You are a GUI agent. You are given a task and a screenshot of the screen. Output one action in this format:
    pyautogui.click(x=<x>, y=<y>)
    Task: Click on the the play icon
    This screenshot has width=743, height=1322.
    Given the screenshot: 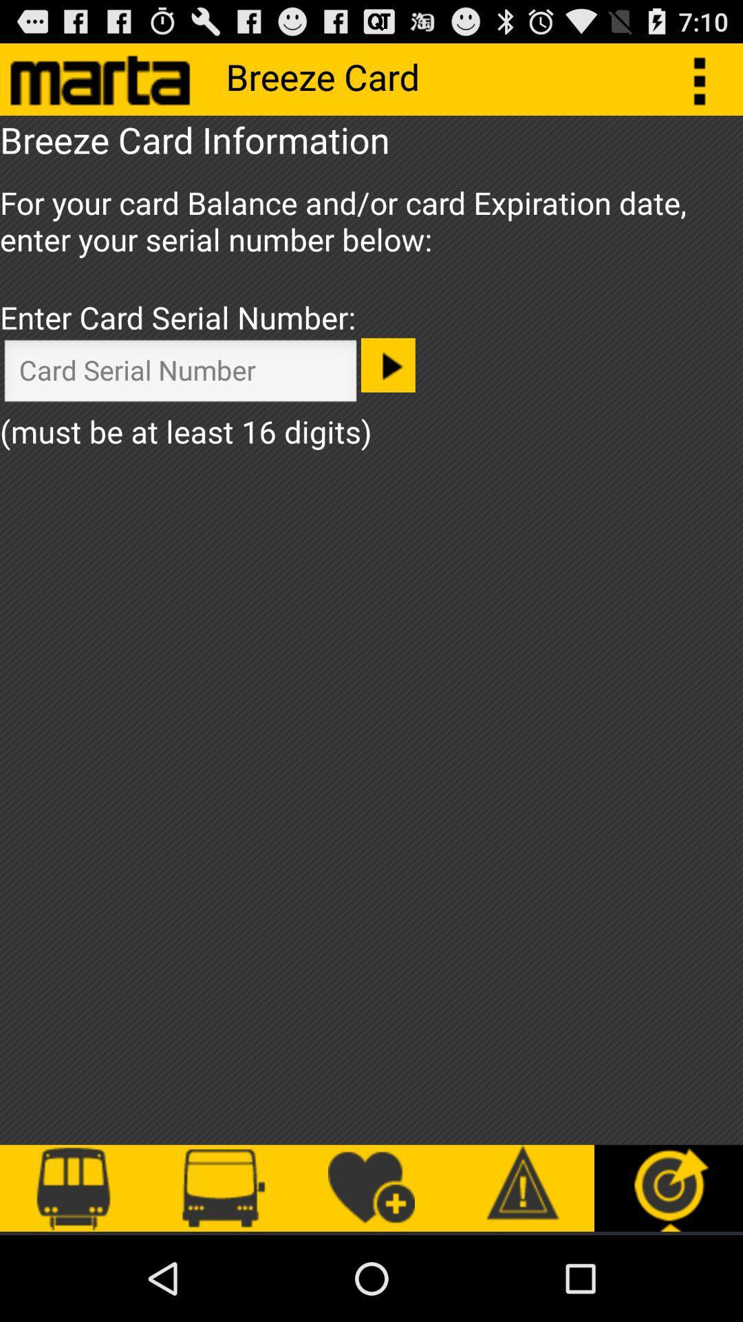 What is the action you would take?
    pyautogui.click(x=388, y=390)
    